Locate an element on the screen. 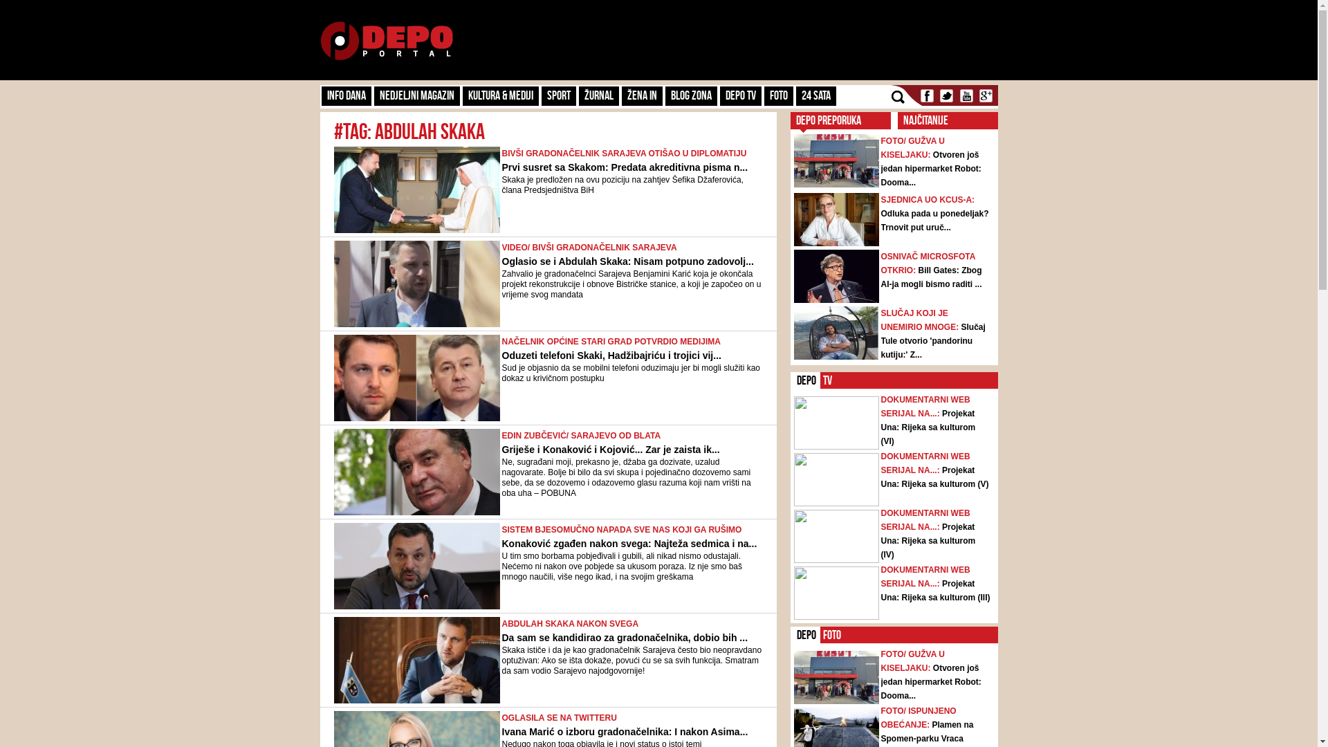 The height and width of the screenshot is (747, 1328). 'ABDULAH SKAKA NAKON SVEGA' is located at coordinates (571, 624).